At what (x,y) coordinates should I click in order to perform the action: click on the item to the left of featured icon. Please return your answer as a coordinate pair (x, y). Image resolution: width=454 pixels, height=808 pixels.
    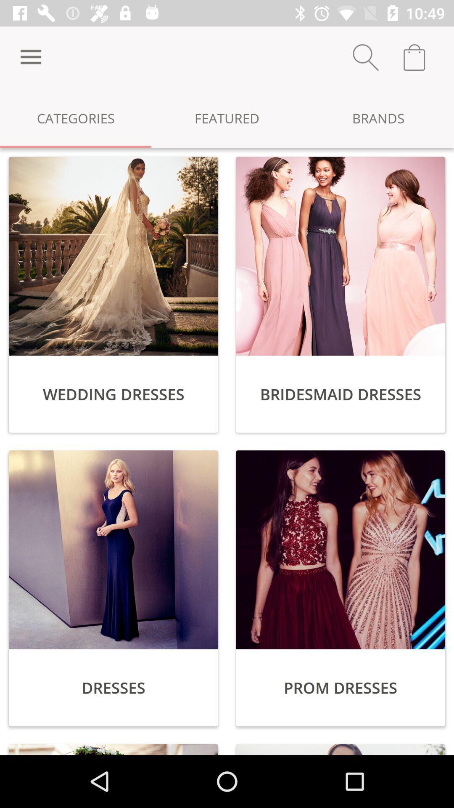
    Looking at the image, I should click on (30, 57).